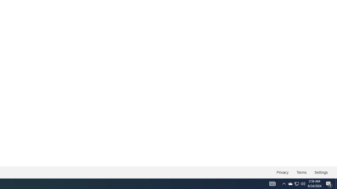 This screenshot has width=337, height=189. Describe the element at coordinates (282, 172) in the screenshot. I see `'Privacy'` at that location.